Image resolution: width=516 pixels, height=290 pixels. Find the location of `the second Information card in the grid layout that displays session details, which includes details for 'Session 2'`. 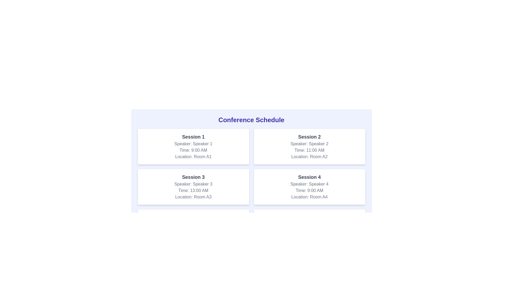

the second Information card in the grid layout that displays session details, which includes details for 'Session 2' is located at coordinates (309, 147).